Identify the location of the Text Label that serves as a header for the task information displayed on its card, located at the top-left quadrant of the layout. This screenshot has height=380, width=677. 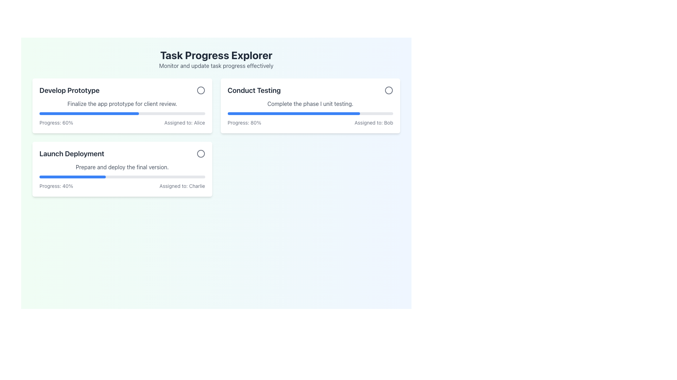
(69, 90).